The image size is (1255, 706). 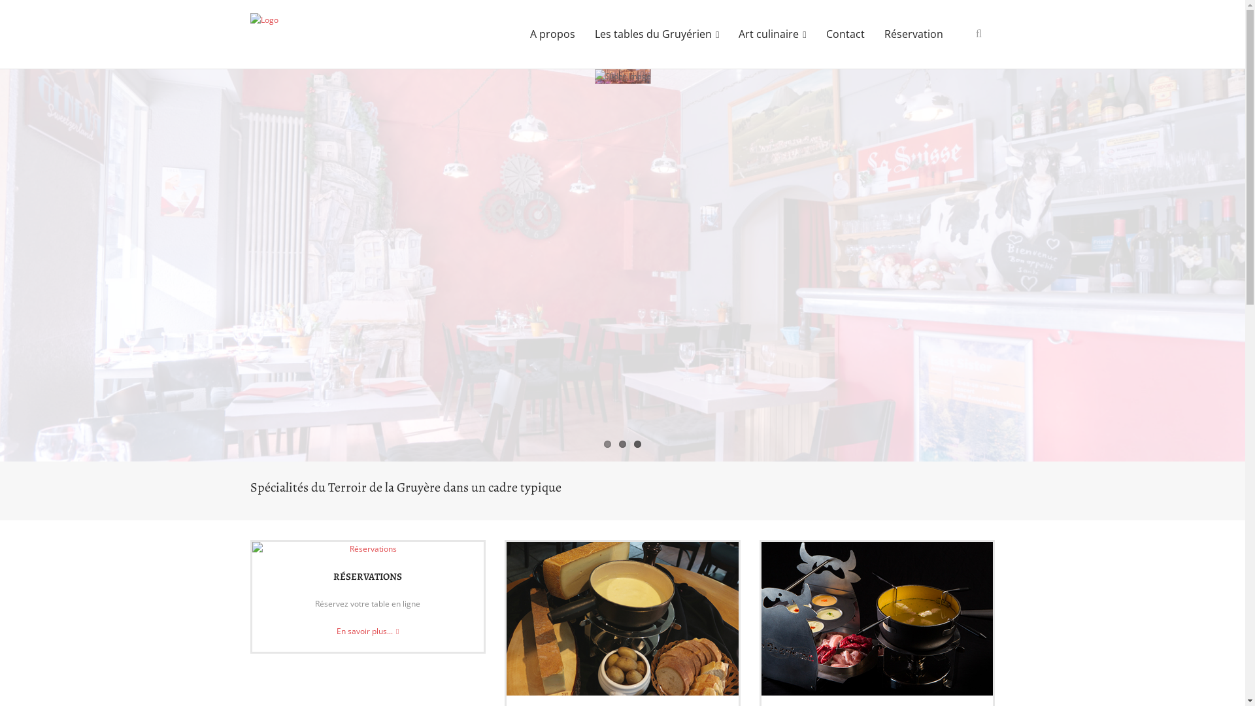 What do you see at coordinates (815, 33) in the screenshot?
I see `'Contact'` at bounding box center [815, 33].